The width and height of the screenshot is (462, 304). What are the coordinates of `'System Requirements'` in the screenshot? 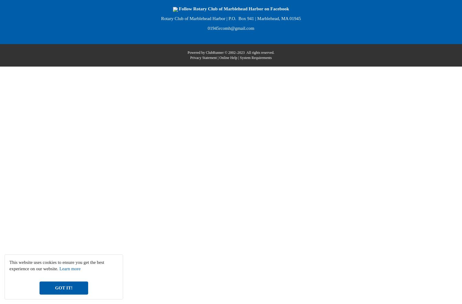 It's located at (255, 57).